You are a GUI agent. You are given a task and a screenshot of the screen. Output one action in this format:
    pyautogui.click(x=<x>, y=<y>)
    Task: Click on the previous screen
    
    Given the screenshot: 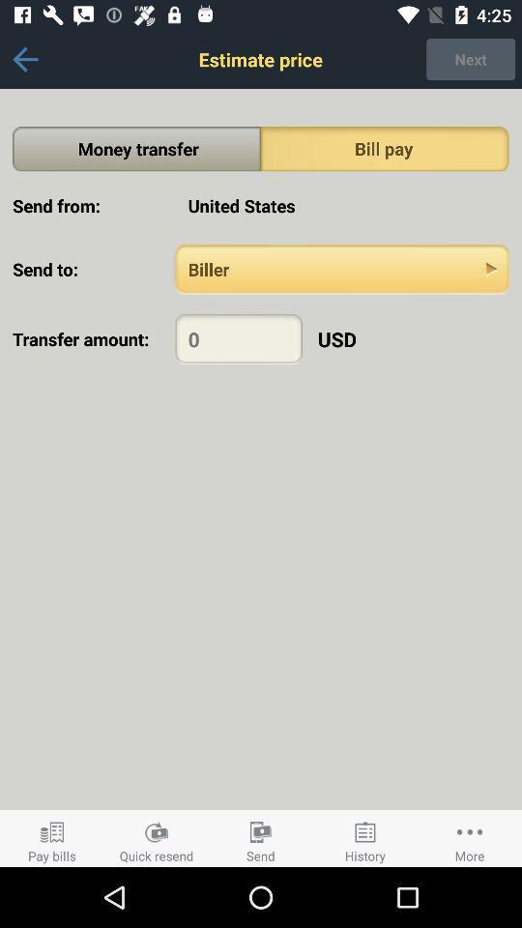 What is the action you would take?
    pyautogui.click(x=24, y=59)
    